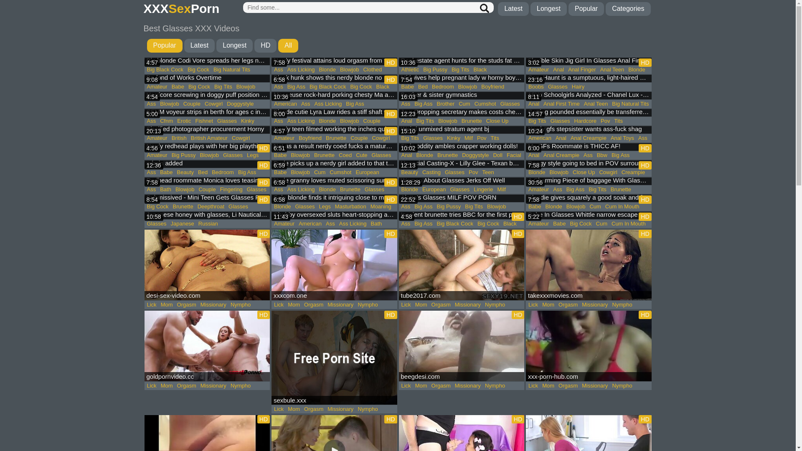 The image size is (802, 451). Describe the element at coordinates (481, 138) in the screenshot. I see `'Pov'` at that location.